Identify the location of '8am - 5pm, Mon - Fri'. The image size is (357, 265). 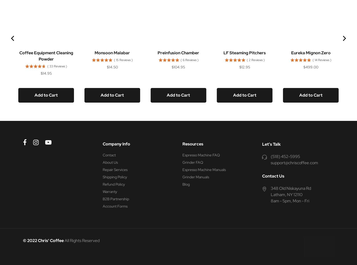
(290, 201).